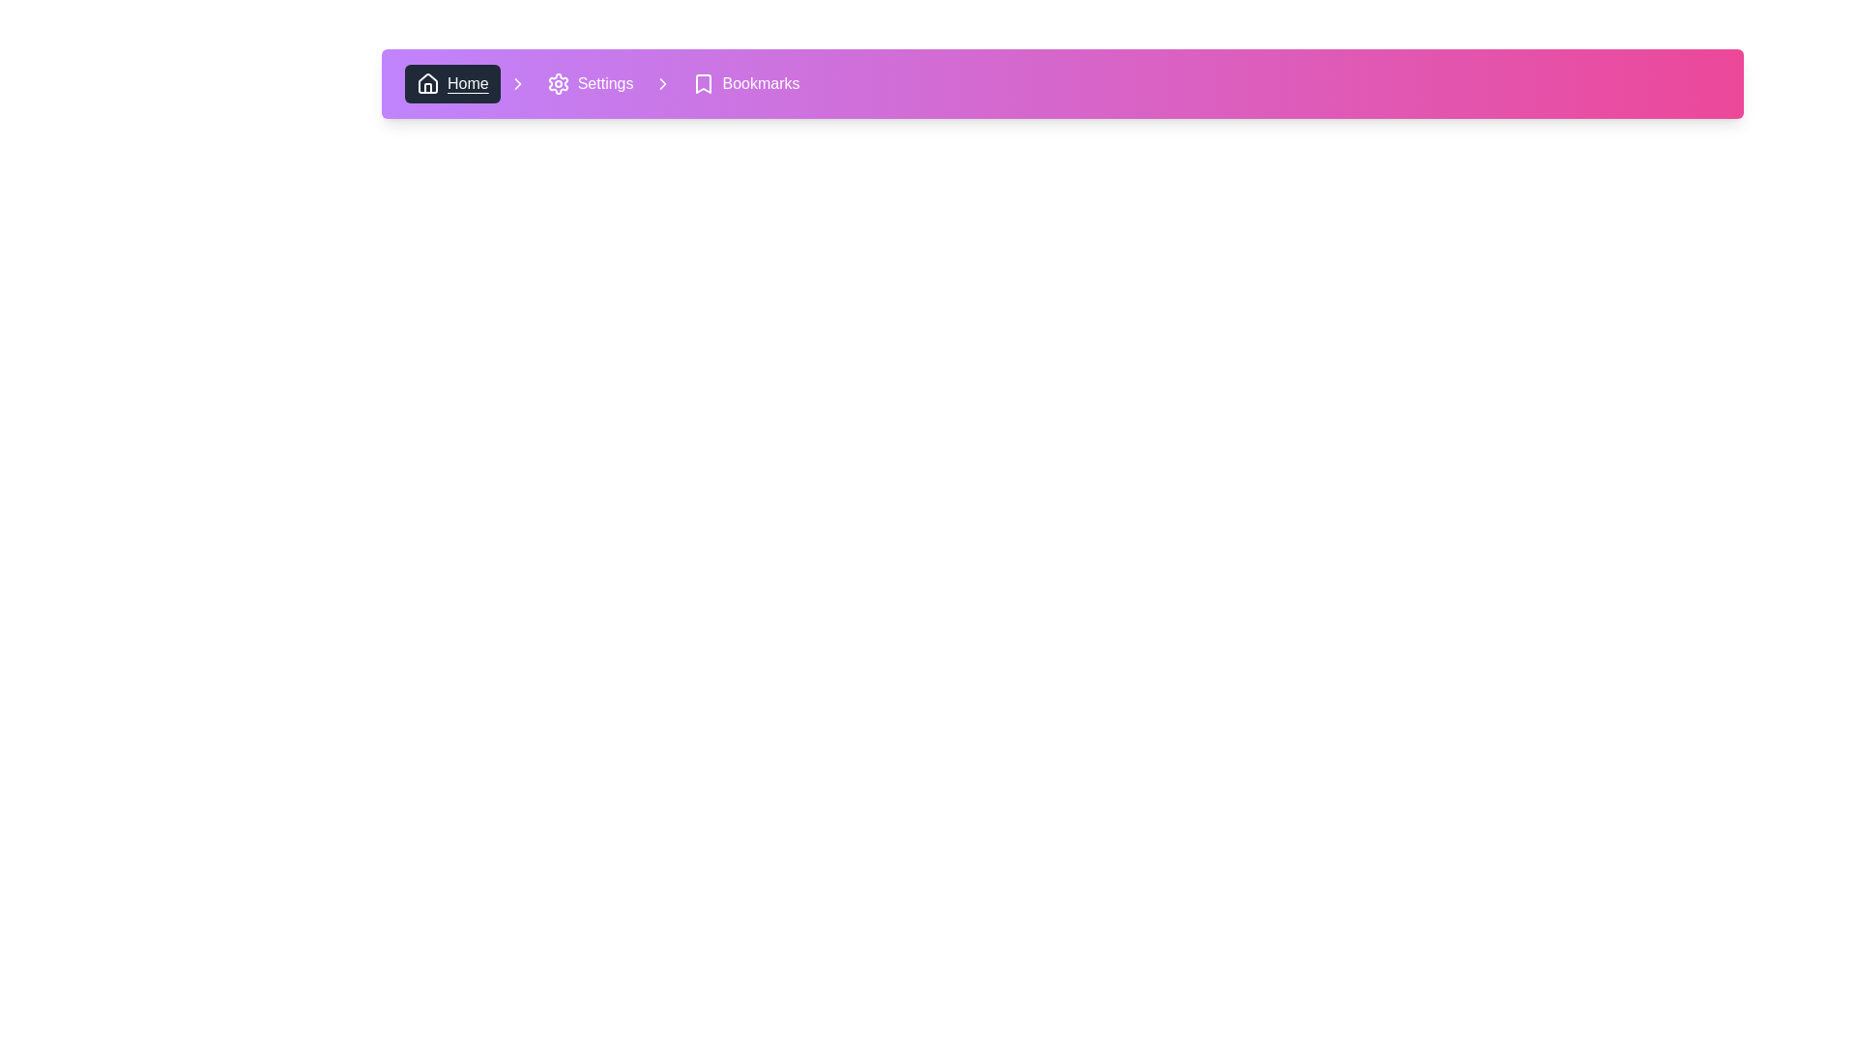 This screenshot has height=1044, width=1856. I want to click on the 'Home' icon, which is a vector graphic resembling a house with a triangular roof and rectangular base, located at the top left of the navigation bar, so click(426, 81).